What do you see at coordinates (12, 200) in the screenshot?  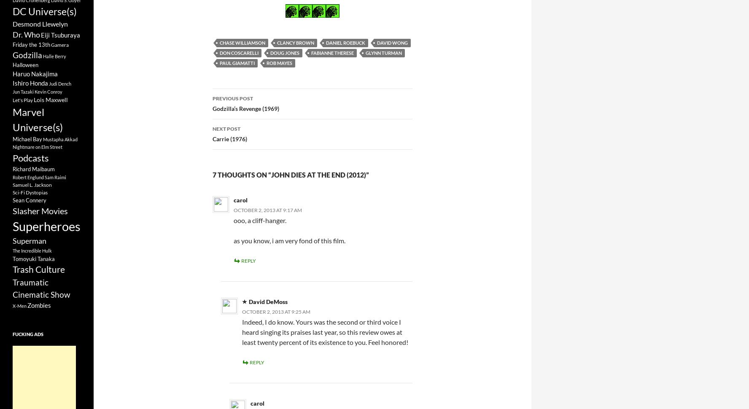 I see `'Sean Connery'` at bounding box center [12, 200].